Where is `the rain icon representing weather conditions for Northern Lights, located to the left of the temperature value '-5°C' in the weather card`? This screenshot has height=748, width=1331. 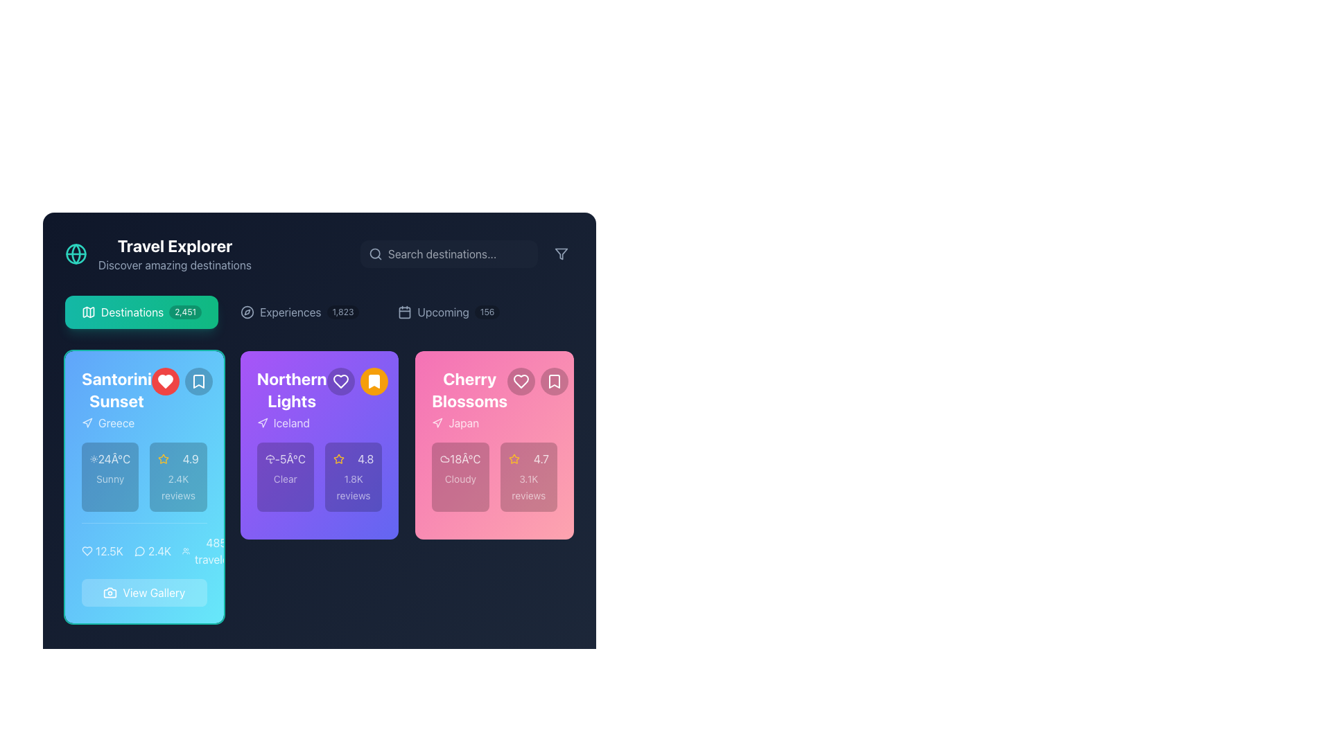
the rain icon representing weather conditions for Northern Lights, located to the left of the temperature value '-5°C' in the weather card is located at coordinates (270, 459).